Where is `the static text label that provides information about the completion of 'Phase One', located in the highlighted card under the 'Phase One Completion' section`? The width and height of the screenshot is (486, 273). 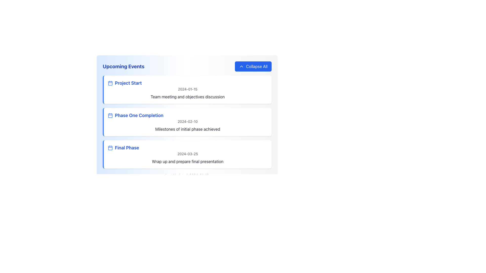
the static text label that provides information about the completion of 'Phase One', located in the highlighted card under the 'Phase One Completion' section is located at coordinates (187, 129).